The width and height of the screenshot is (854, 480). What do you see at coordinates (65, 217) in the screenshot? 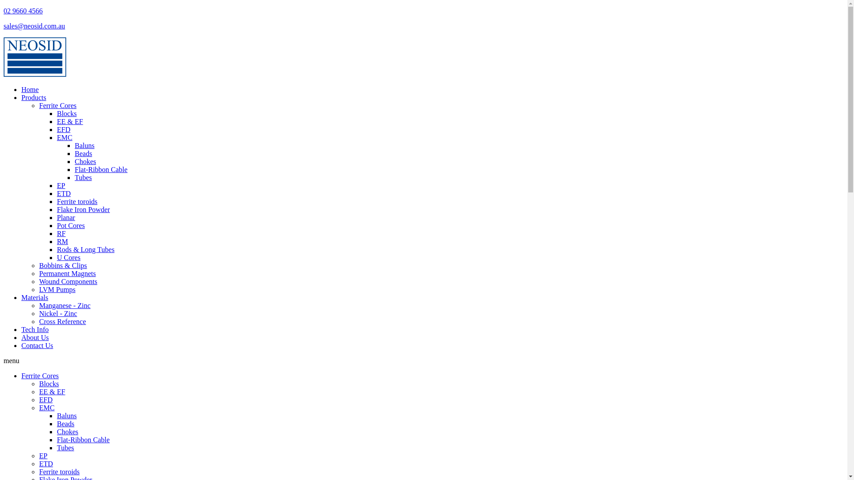
I see `'Planar'` at bounding box center [65, 217].